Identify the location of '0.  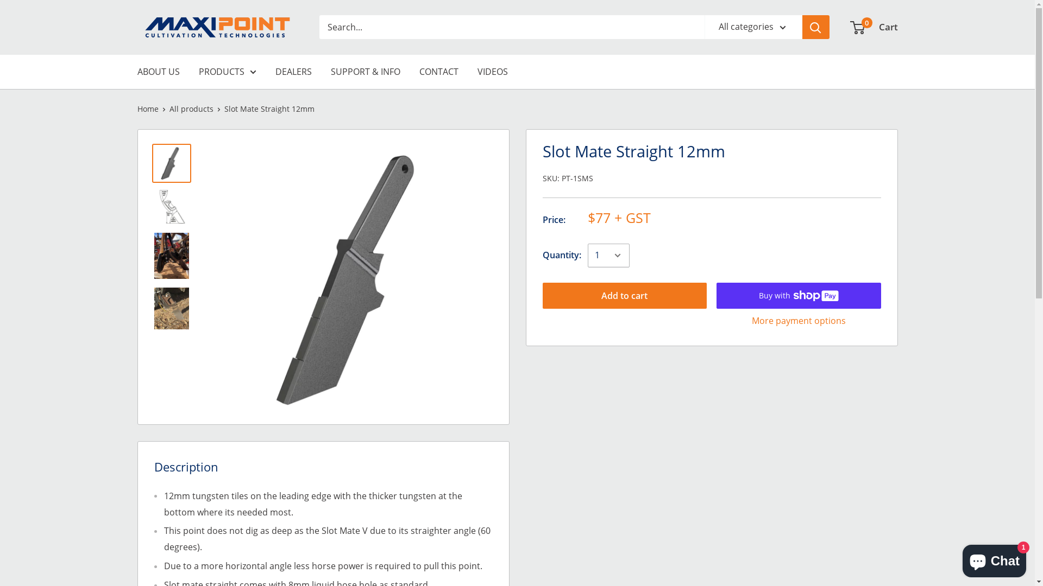
(850, 27).